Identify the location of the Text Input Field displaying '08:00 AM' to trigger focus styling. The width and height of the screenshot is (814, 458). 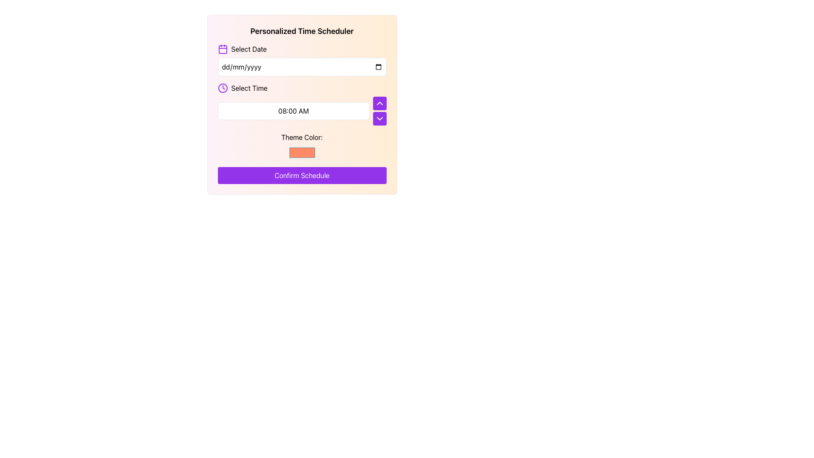
(293, 111).